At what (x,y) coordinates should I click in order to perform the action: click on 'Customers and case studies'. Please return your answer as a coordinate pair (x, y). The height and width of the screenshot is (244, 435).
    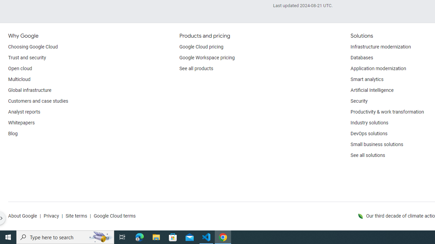
    Looking at the image, I should click on (38, 101).